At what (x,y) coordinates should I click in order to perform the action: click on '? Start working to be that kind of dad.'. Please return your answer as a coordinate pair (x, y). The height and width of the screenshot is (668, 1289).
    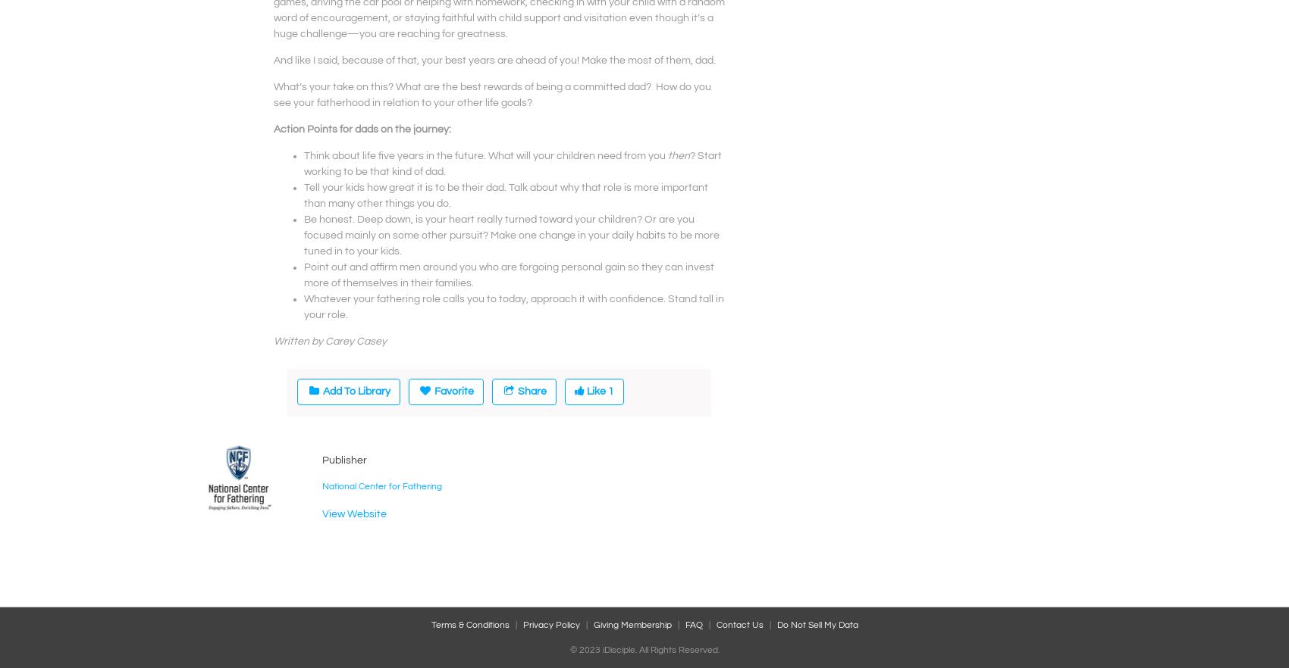
    Looking at the image, I should click on (513, 163).